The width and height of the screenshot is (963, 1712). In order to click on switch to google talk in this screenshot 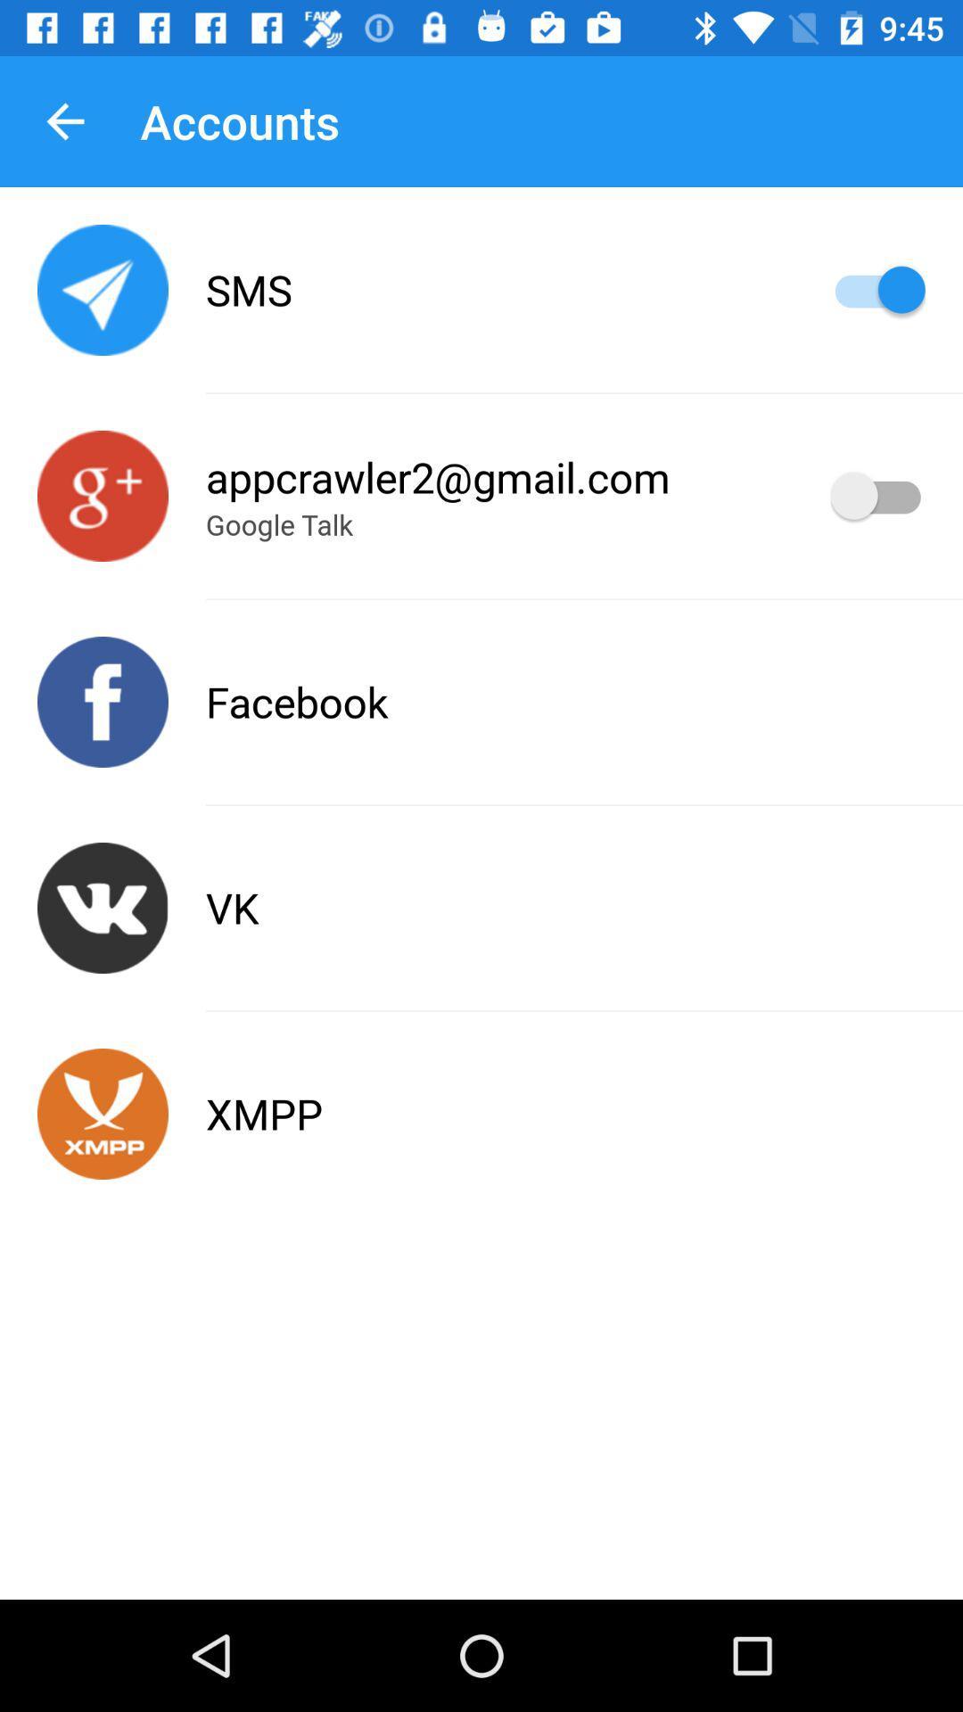, I will do `click(103, 496)`.